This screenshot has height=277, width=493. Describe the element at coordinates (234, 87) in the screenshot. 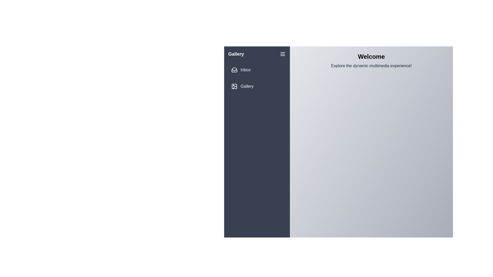

I see `the Gallery icon located in the vertical navigation menu, which is the second item from the top, just below the inbox icon` at that location.